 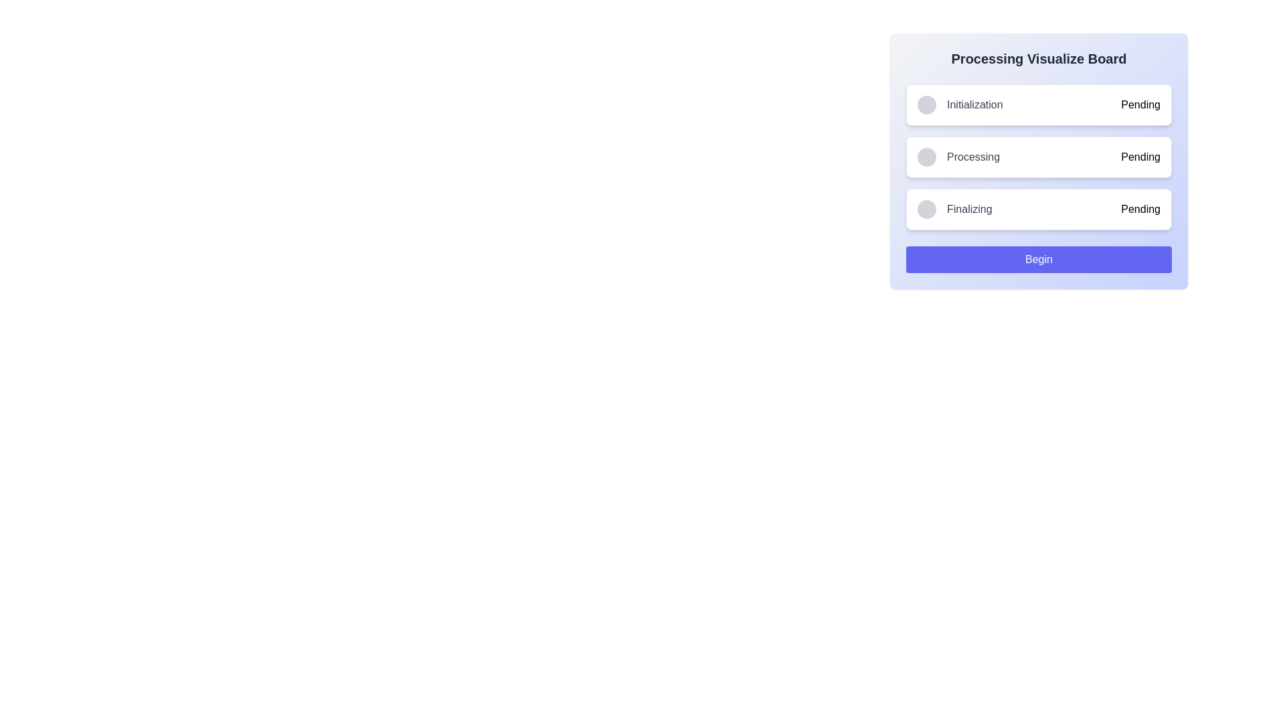 What do you see at coordinates (958, 157) in the screenshot?
I see `the display-only Indicator, which signifies the current step in the process and is located below the 'Initialization' row and above the 'Finalizing' row` at bounding box center [958, 157].